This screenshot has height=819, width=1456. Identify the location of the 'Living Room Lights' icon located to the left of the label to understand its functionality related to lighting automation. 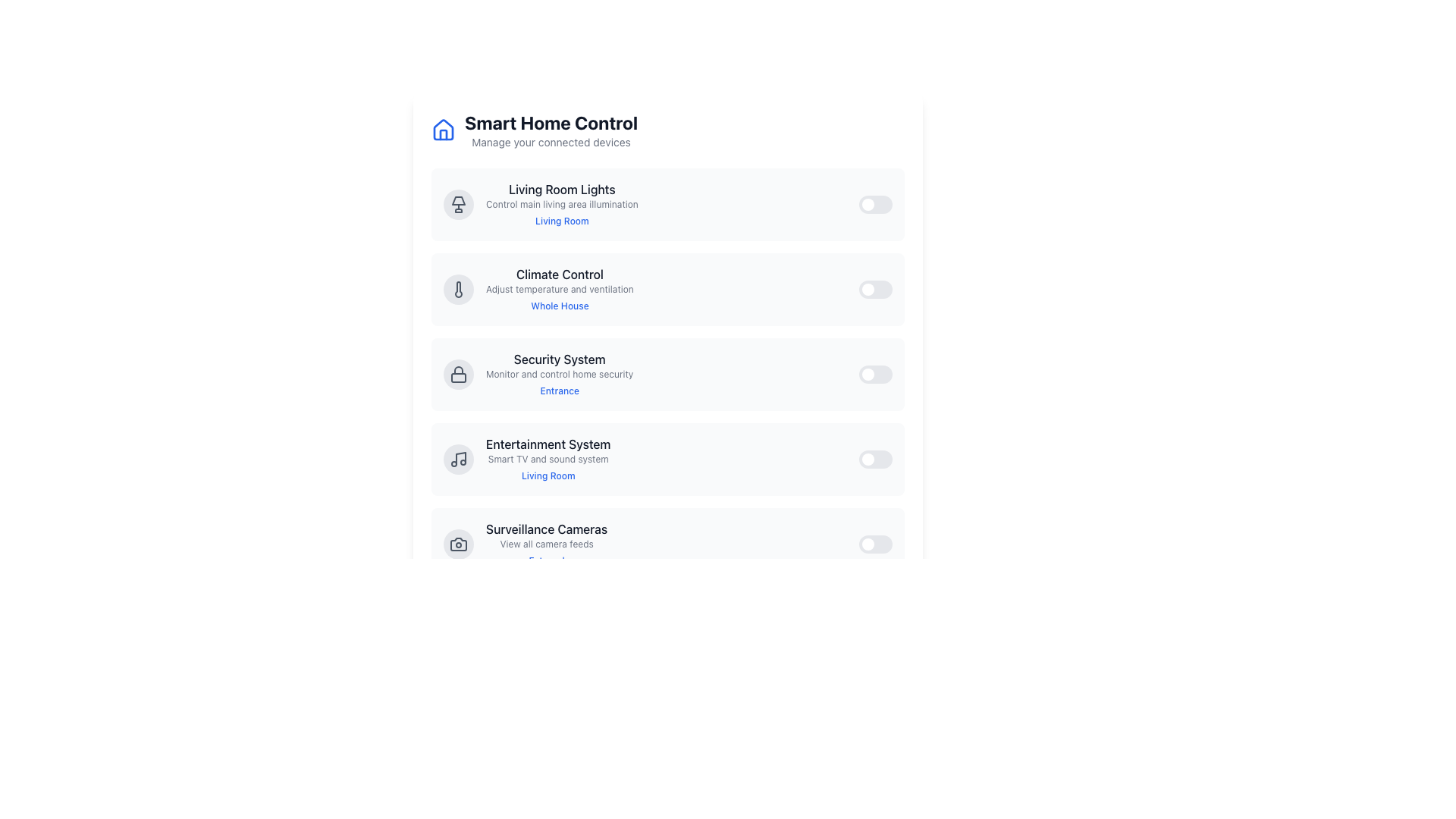
(457, 205).